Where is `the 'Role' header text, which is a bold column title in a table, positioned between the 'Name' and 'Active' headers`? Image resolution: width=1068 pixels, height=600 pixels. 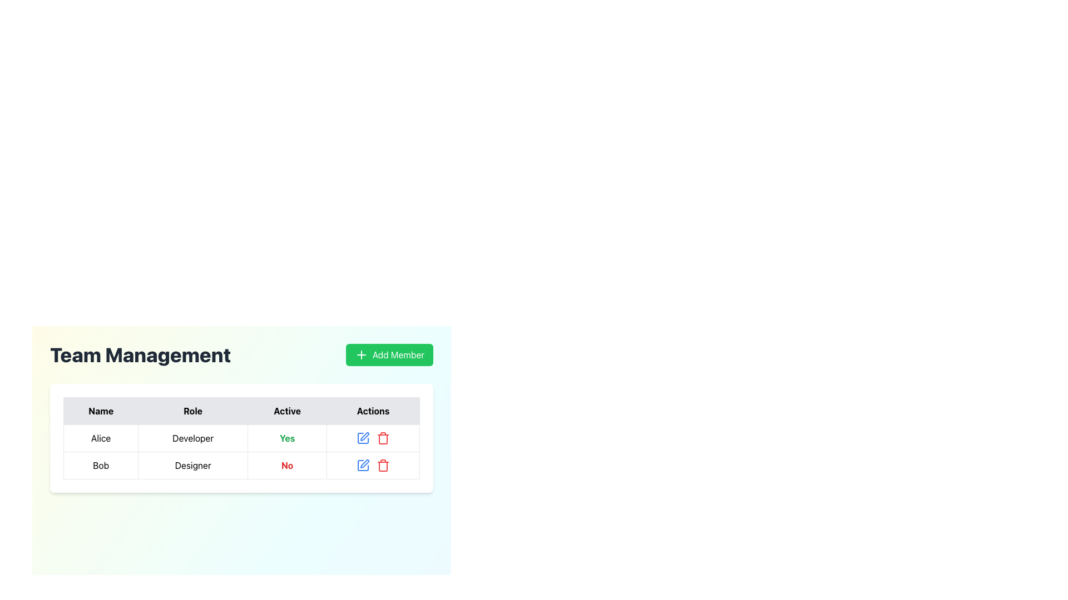
the 'Role' header text, which is a bold column title in a table, positioned between the 'Name' and 'Active' headers is located at coordinates (193, 411).